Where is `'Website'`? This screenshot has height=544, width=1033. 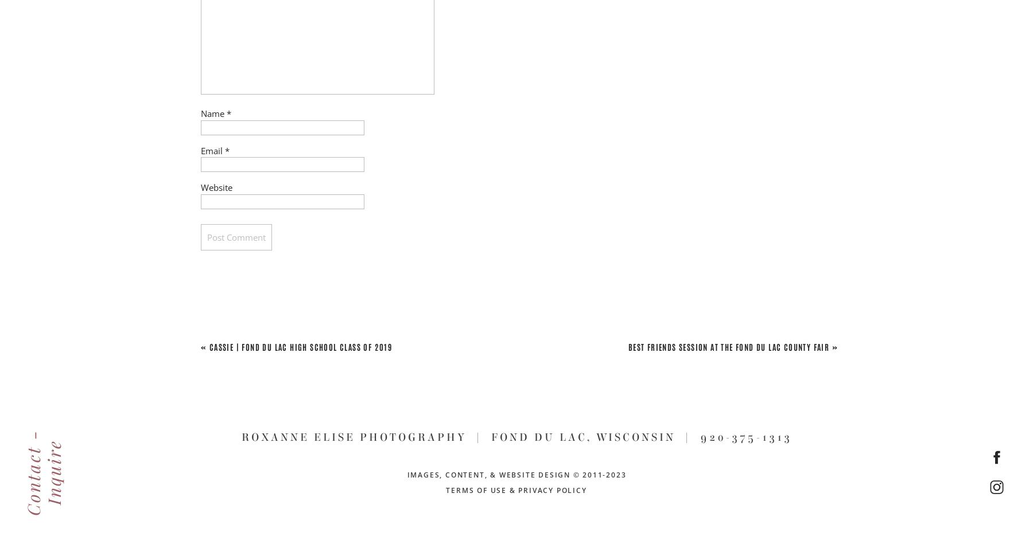
'Website' is located at coordinates (216, 187).